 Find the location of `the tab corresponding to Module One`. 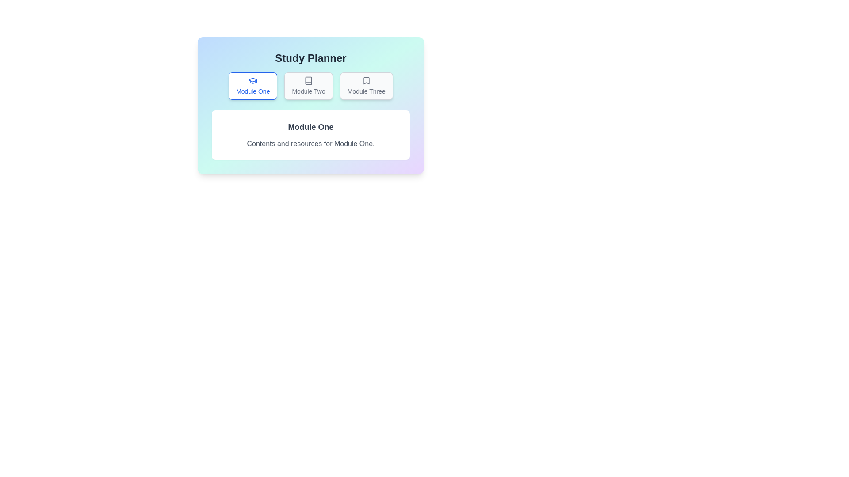

the tab corresponding to Module One is located at coordinates (252, 86).